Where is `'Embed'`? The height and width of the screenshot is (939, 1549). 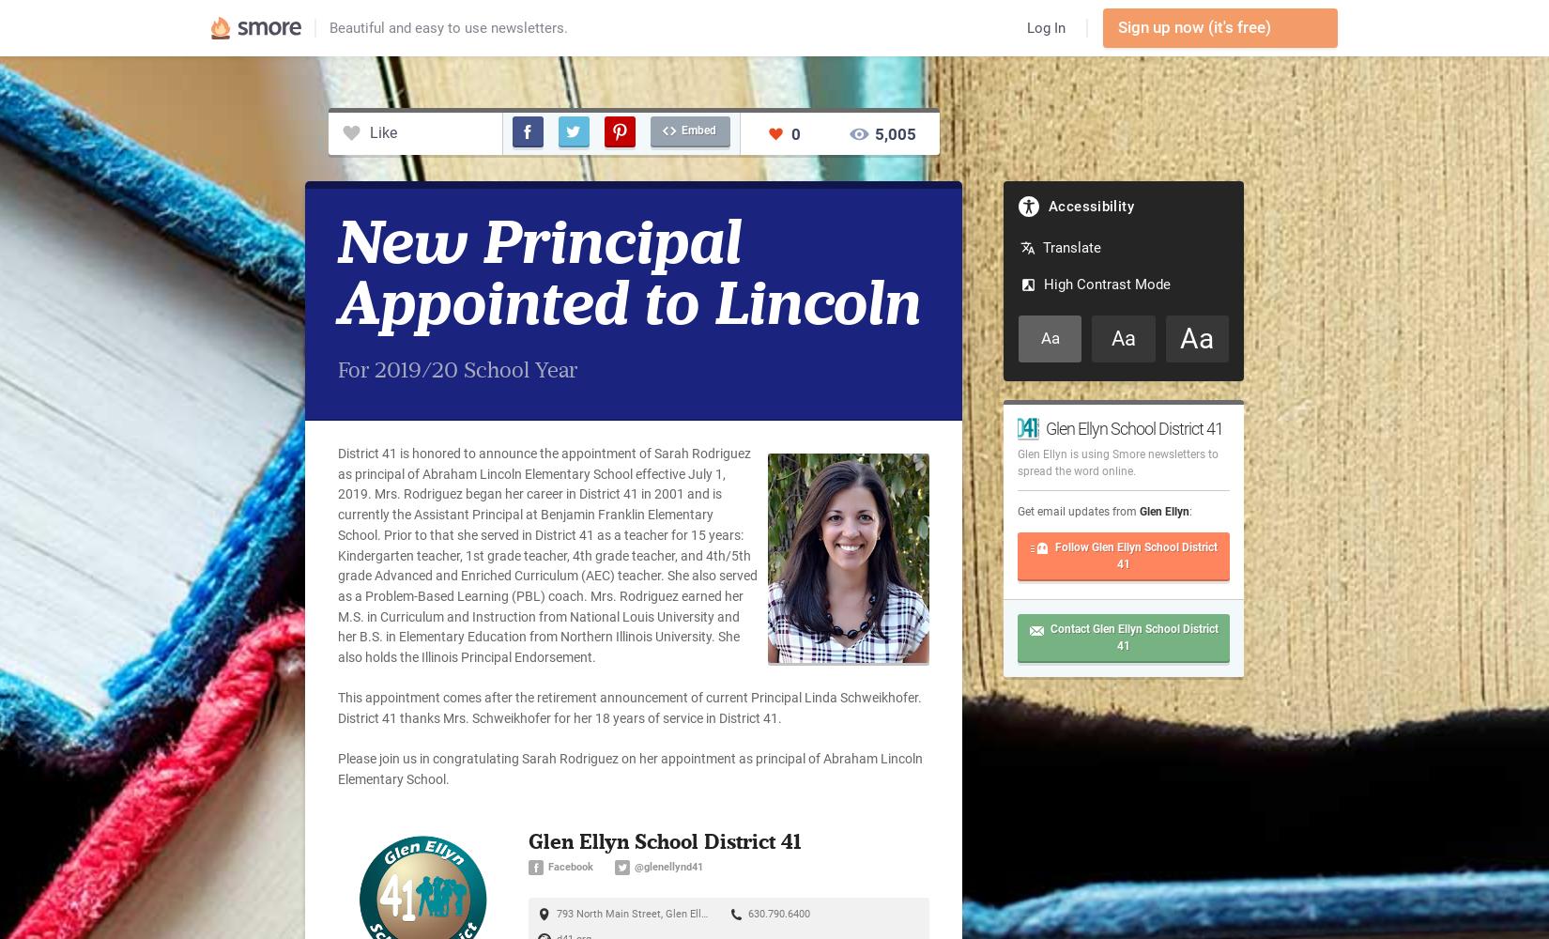 'Embed' is located at coordinates (697, 131).